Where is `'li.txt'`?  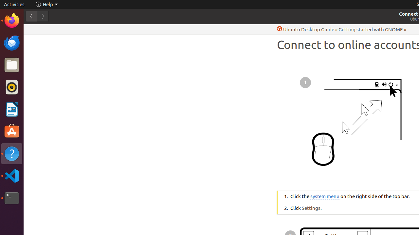
'li.txt' is located at coordinates (84, 29).